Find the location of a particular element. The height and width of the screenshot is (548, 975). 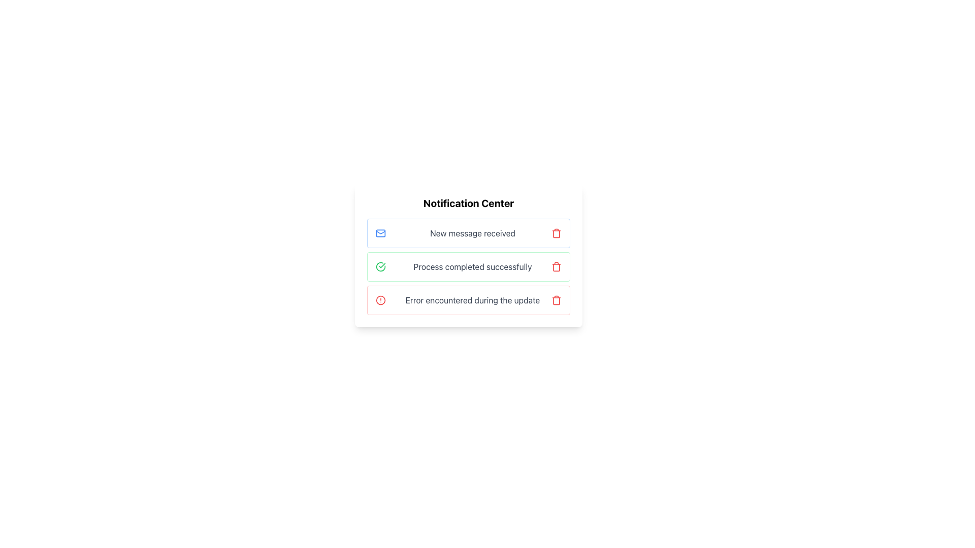

the envelope-shaped icon with a blue outline located to the left of the 'New message received' text in the notification panel is located at coordinates (380, 233).